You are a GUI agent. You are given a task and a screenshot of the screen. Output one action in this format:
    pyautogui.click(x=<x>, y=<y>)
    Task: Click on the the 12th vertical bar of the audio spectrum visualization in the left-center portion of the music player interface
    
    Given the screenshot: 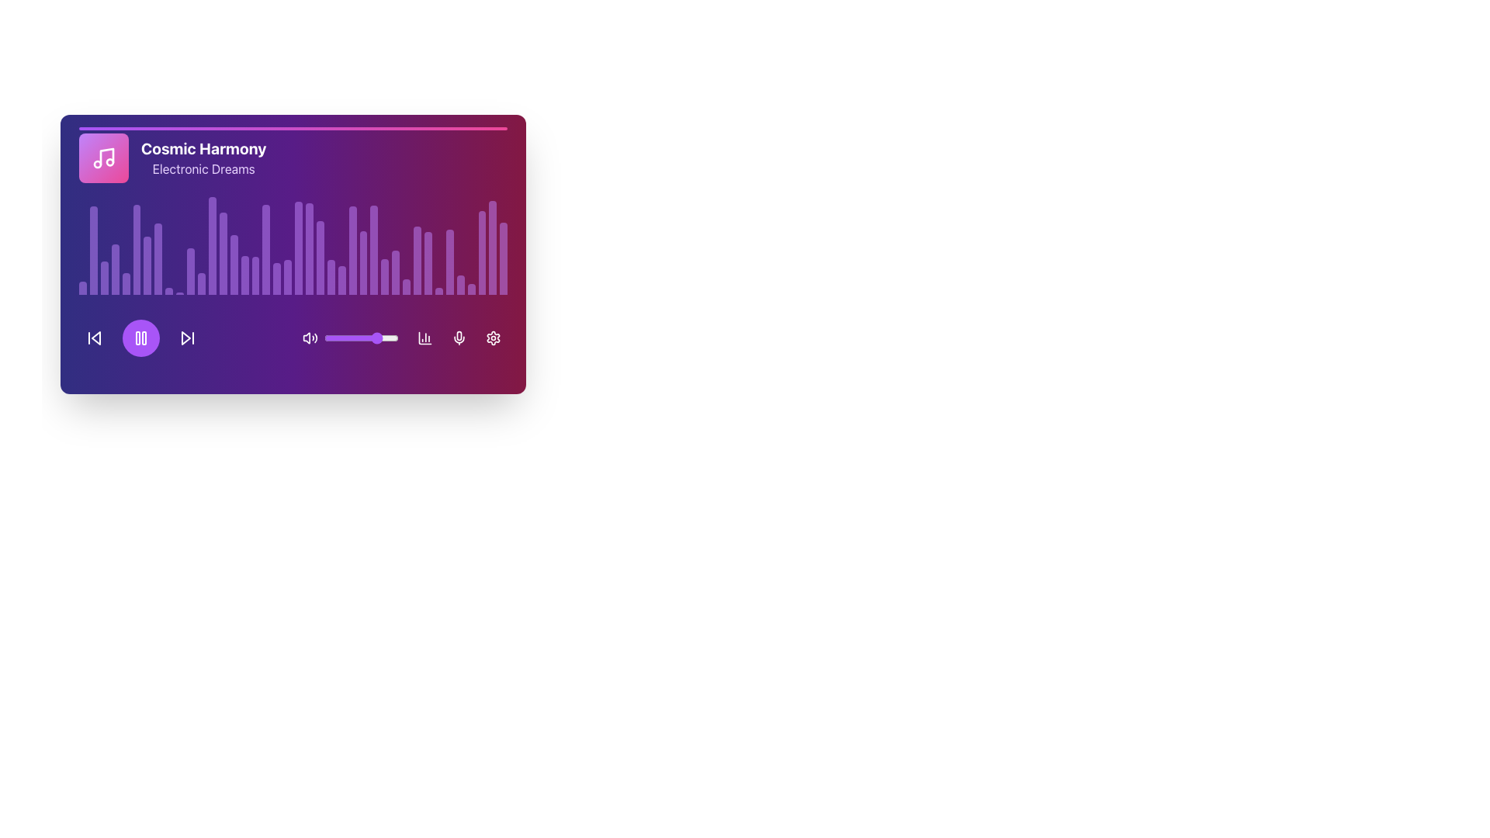 What is the action you would take?
    pyautogui.click(x=200, y=284)
    